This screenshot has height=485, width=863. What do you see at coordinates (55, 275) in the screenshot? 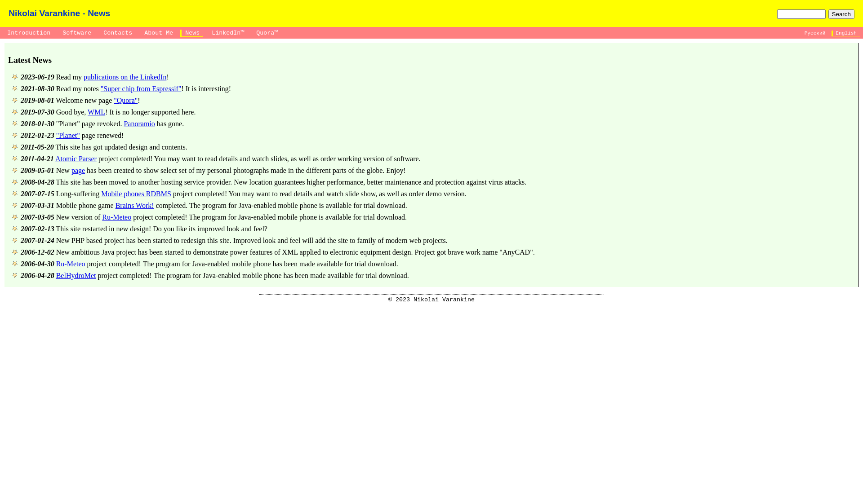
I see `'BelHydroMet'` at bounding box center [55, 275].